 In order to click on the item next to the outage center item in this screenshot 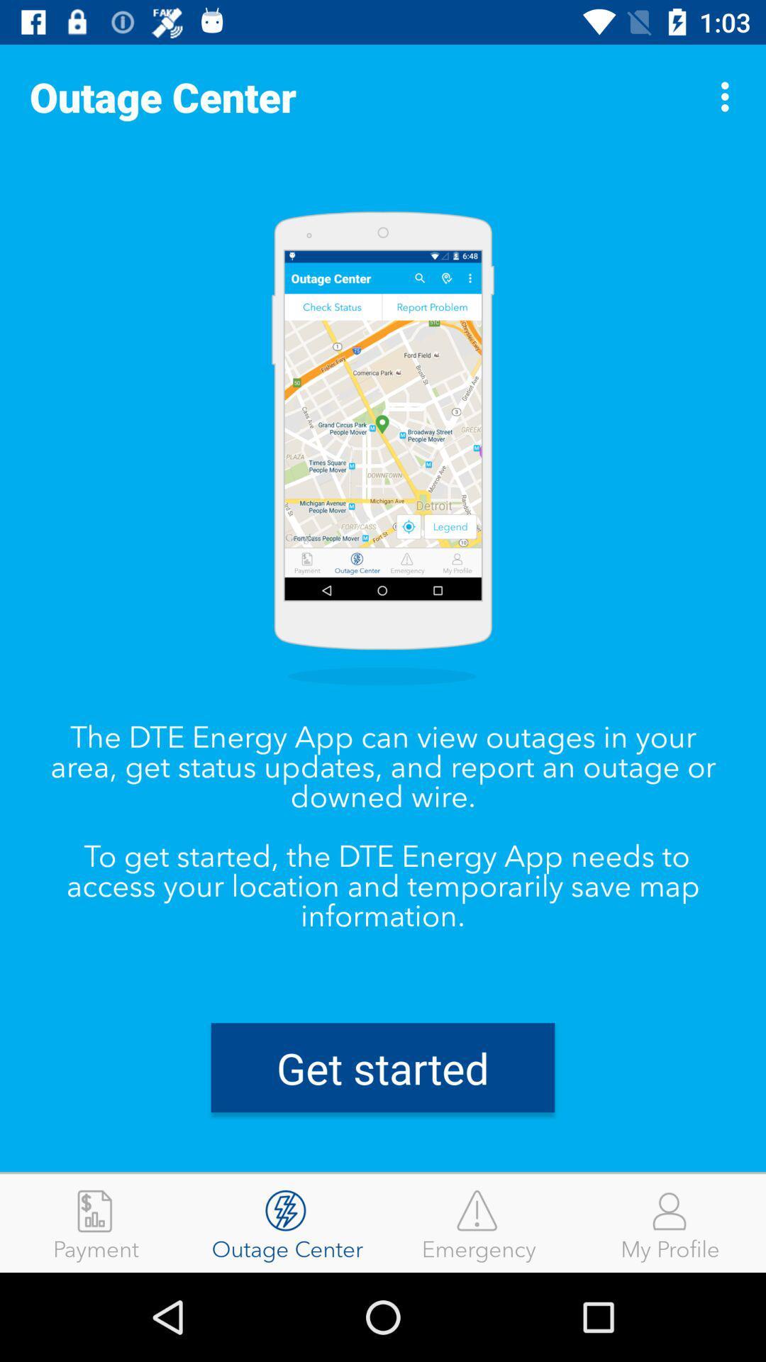, I will do `click(479, 1222)`.